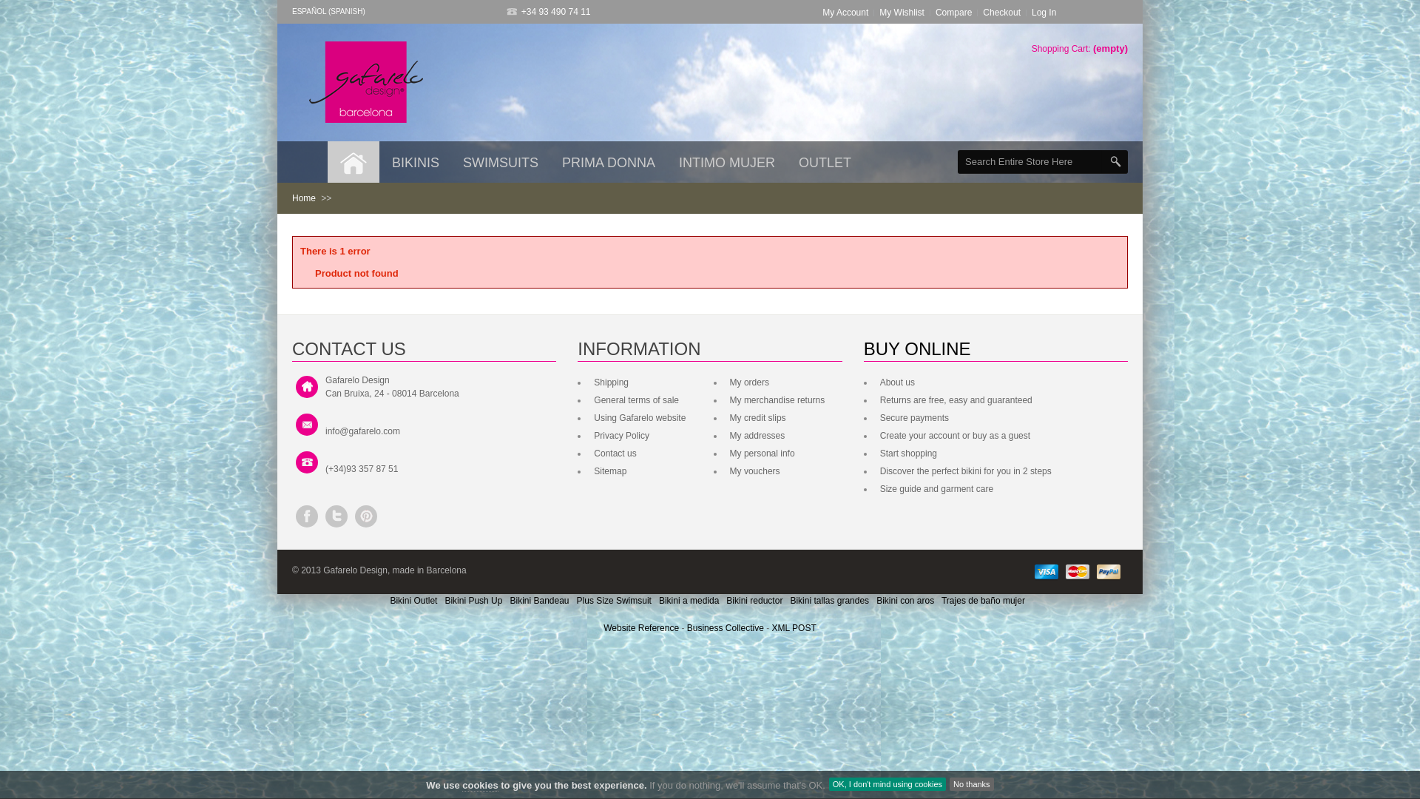 The height and width of the screenshot is (799, 1420). Describe the element at coordinates (336, 516) in the screenshot. I see `'Twitter'` at that location.